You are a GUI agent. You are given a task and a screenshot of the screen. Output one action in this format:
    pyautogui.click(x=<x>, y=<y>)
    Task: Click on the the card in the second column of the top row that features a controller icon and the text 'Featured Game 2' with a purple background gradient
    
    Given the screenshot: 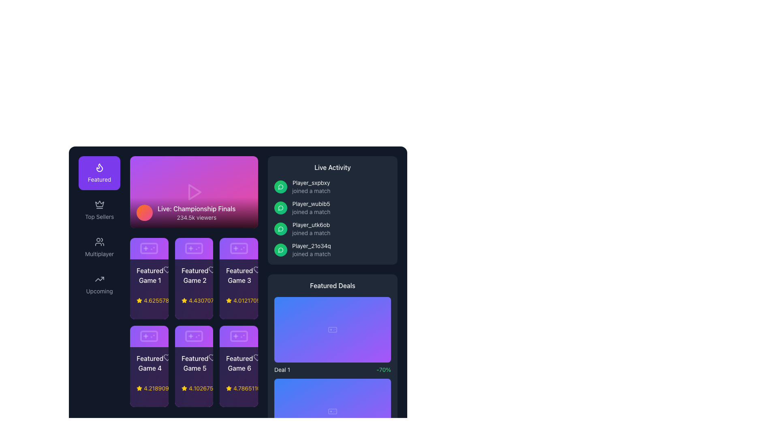 What is the action you would take?
    pyautogui.click(x=194, y=278)
    